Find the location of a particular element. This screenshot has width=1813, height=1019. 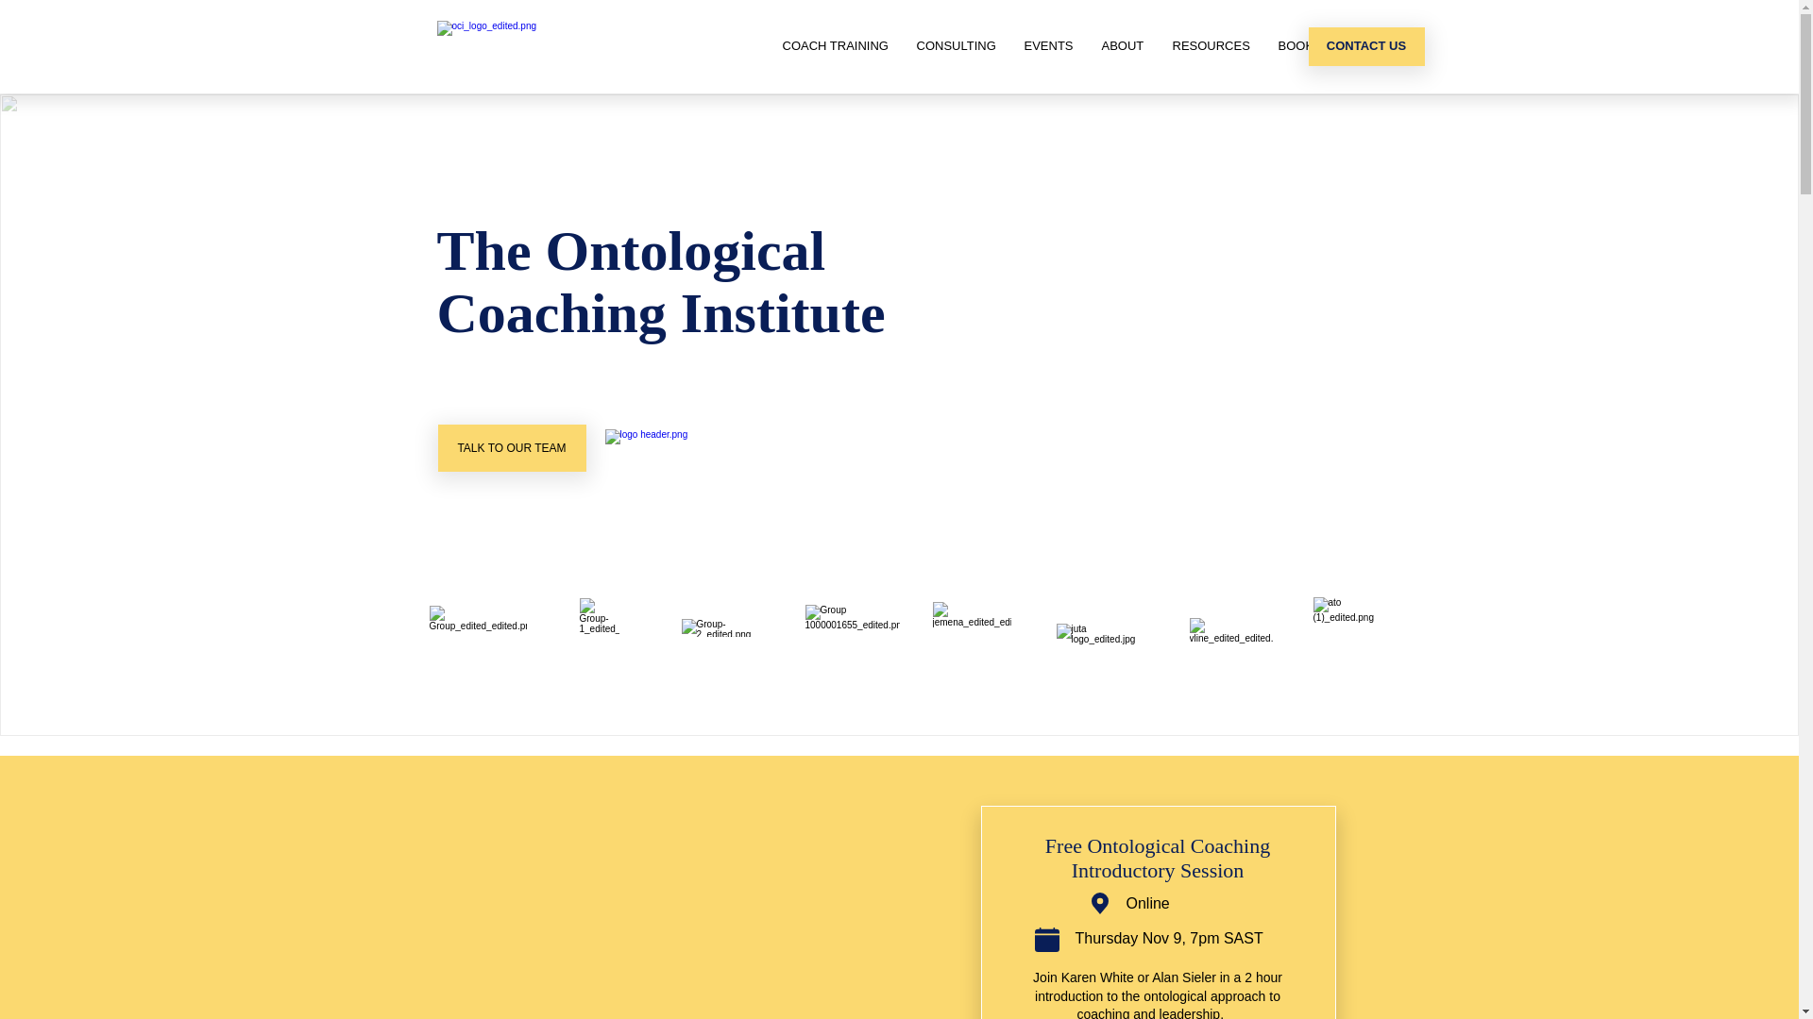

'CONTACT US' is located at coordinates (1366, 45).